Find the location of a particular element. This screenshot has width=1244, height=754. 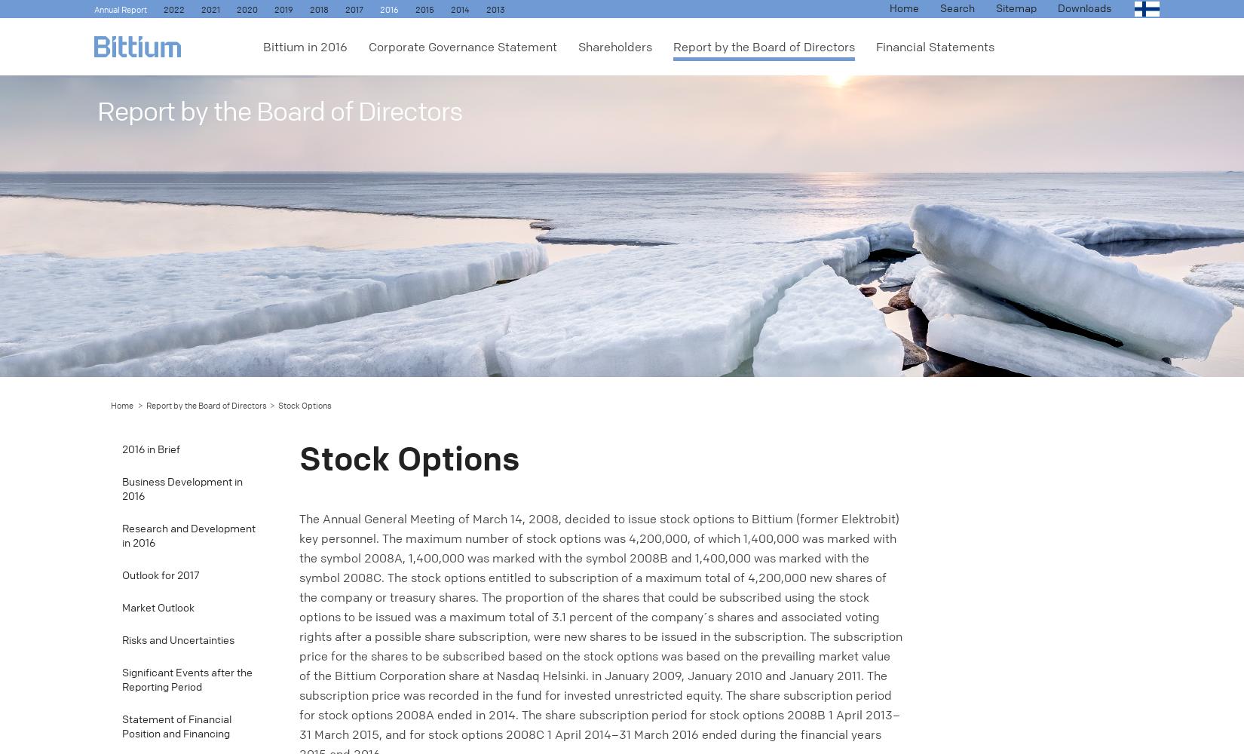

'Business Development in 2016' is located at coordinates (182, 489).